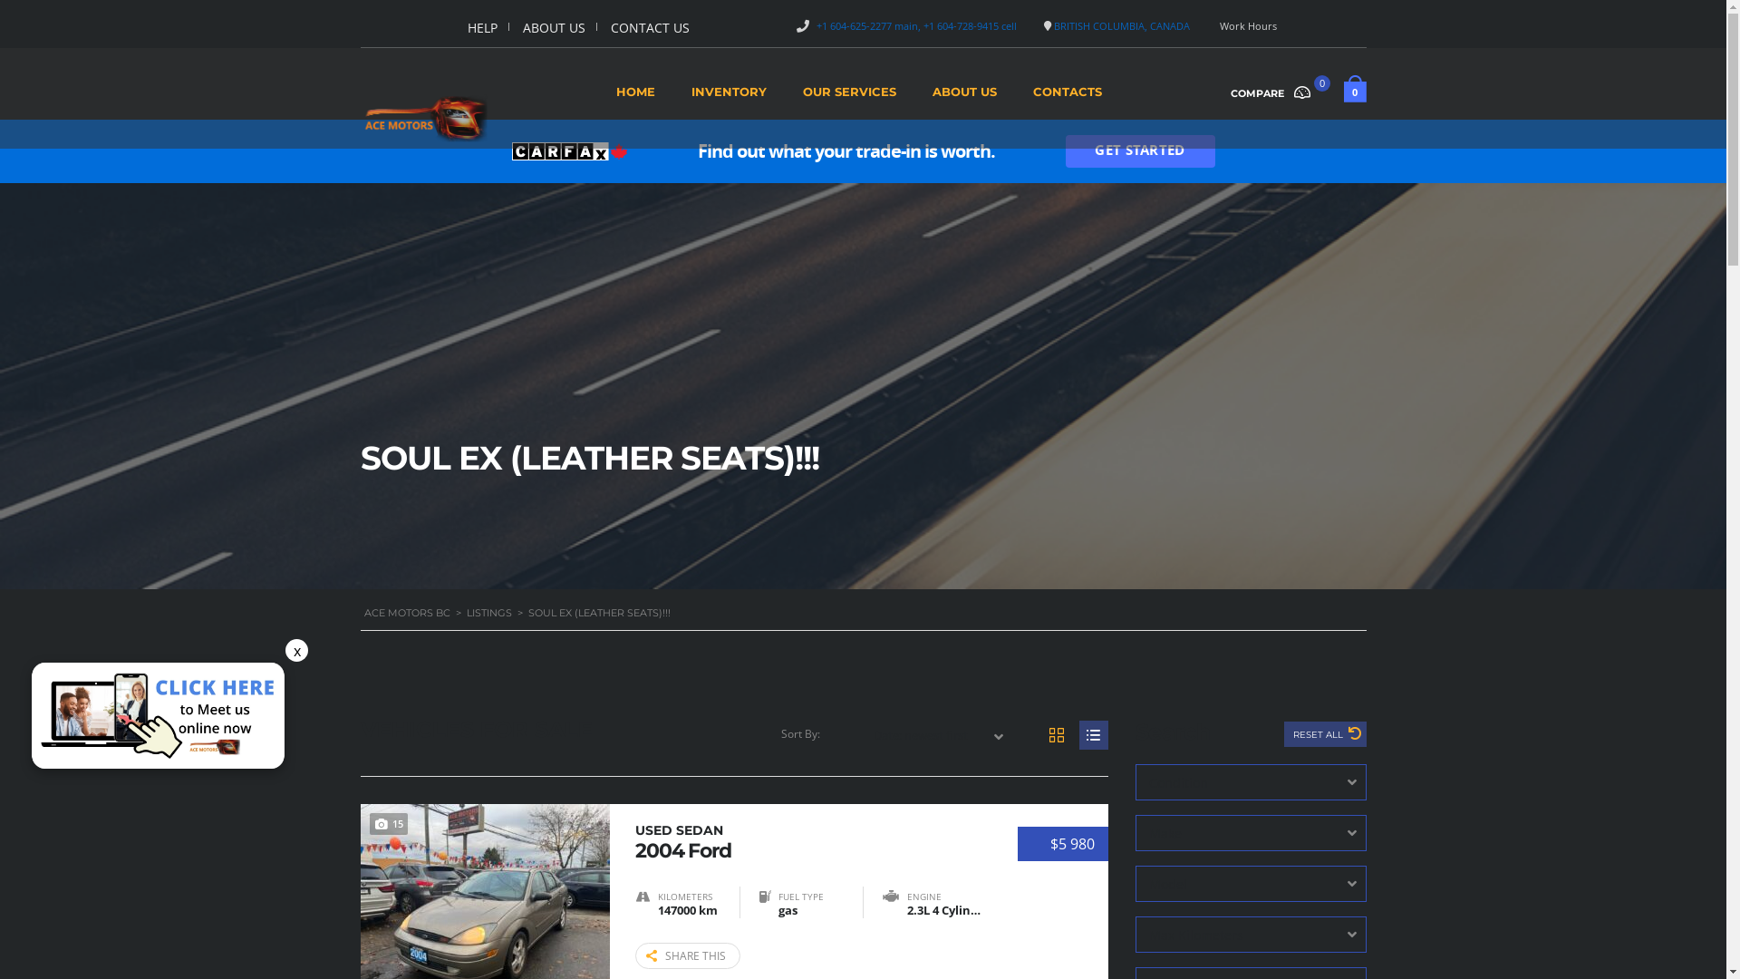 This screenshot has height=979, width=1740. Describe the element at coordinates (1139, 150) in the screenshot. I see `'GET STARTED'` at that location.